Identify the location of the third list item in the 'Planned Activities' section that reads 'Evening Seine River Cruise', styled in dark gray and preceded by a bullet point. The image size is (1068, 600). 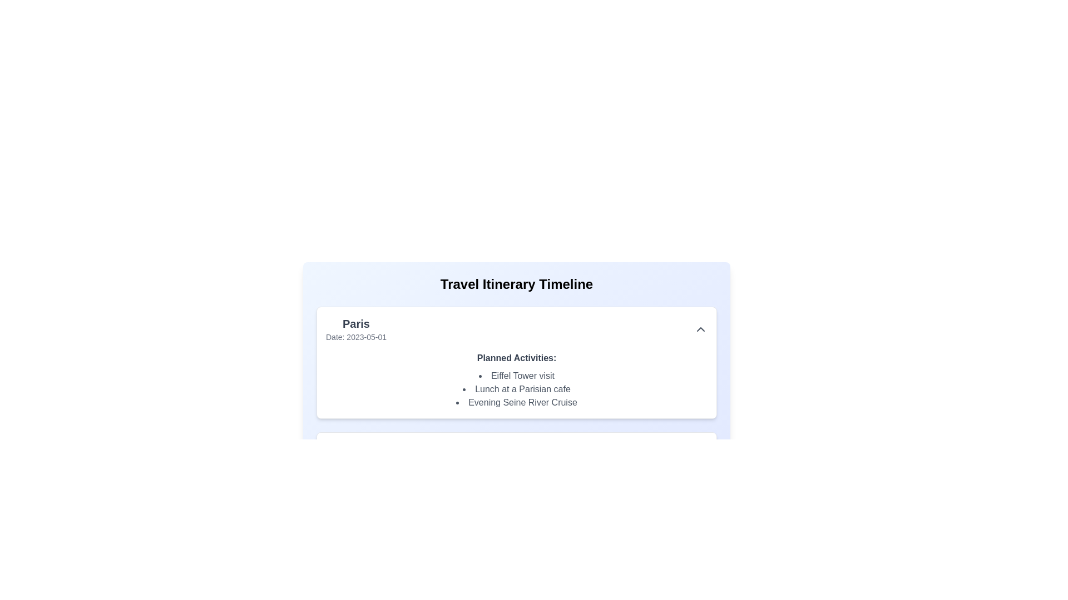
(516, 403).